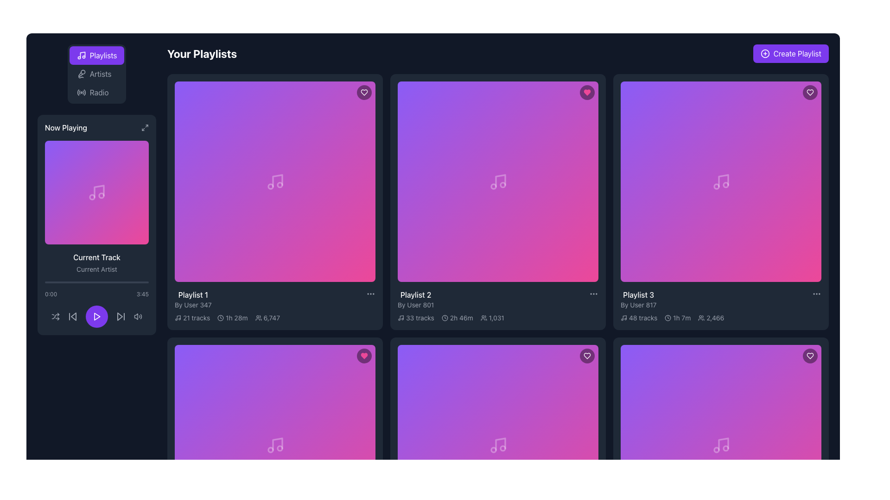 The height and width of the screenshot is (500, 890). Describe the element at coordinates (97, 316) in the screenshot. I see `the circular violet button with a white triangular play symbol` at that location.